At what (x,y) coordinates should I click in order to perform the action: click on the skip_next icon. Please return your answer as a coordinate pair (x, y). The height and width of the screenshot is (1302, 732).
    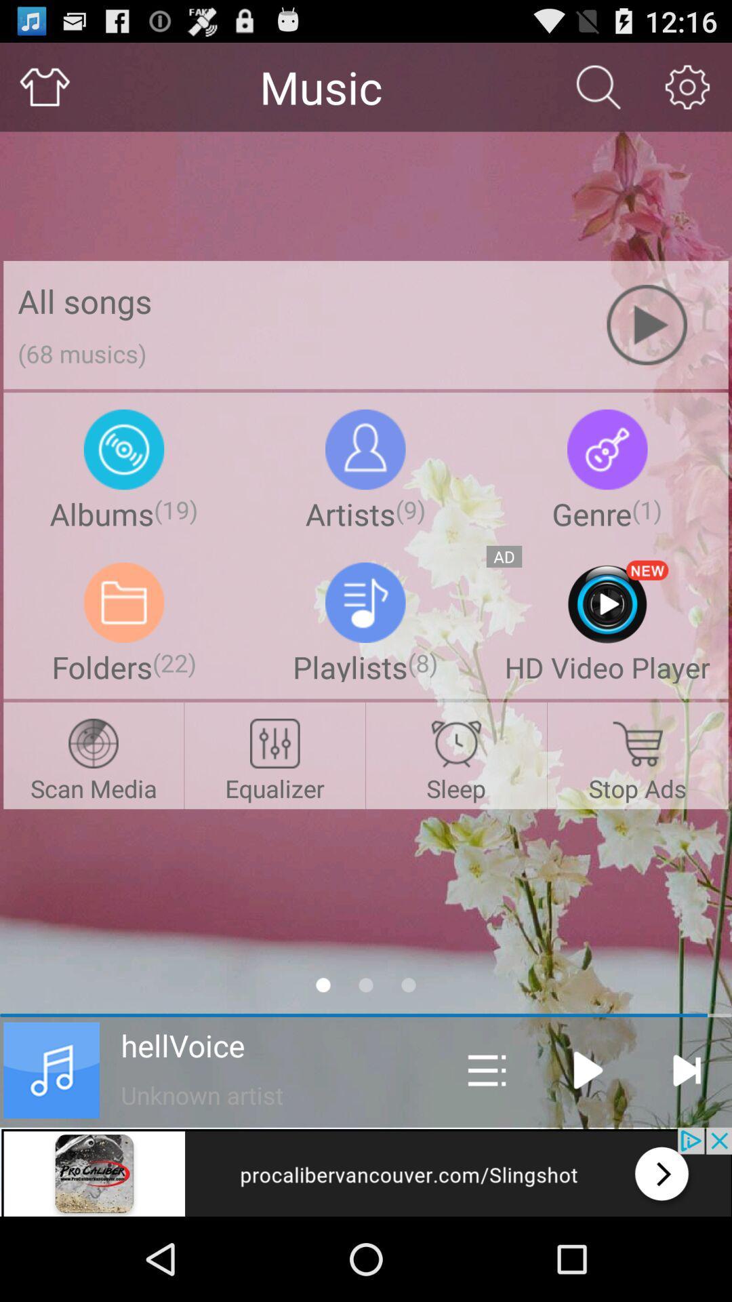
    Looking at the image, I should click on (686, 1145).